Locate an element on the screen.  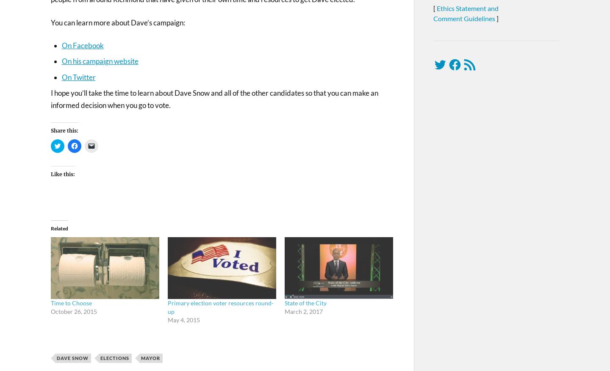
'elections' is located at coordinates (114, 357).